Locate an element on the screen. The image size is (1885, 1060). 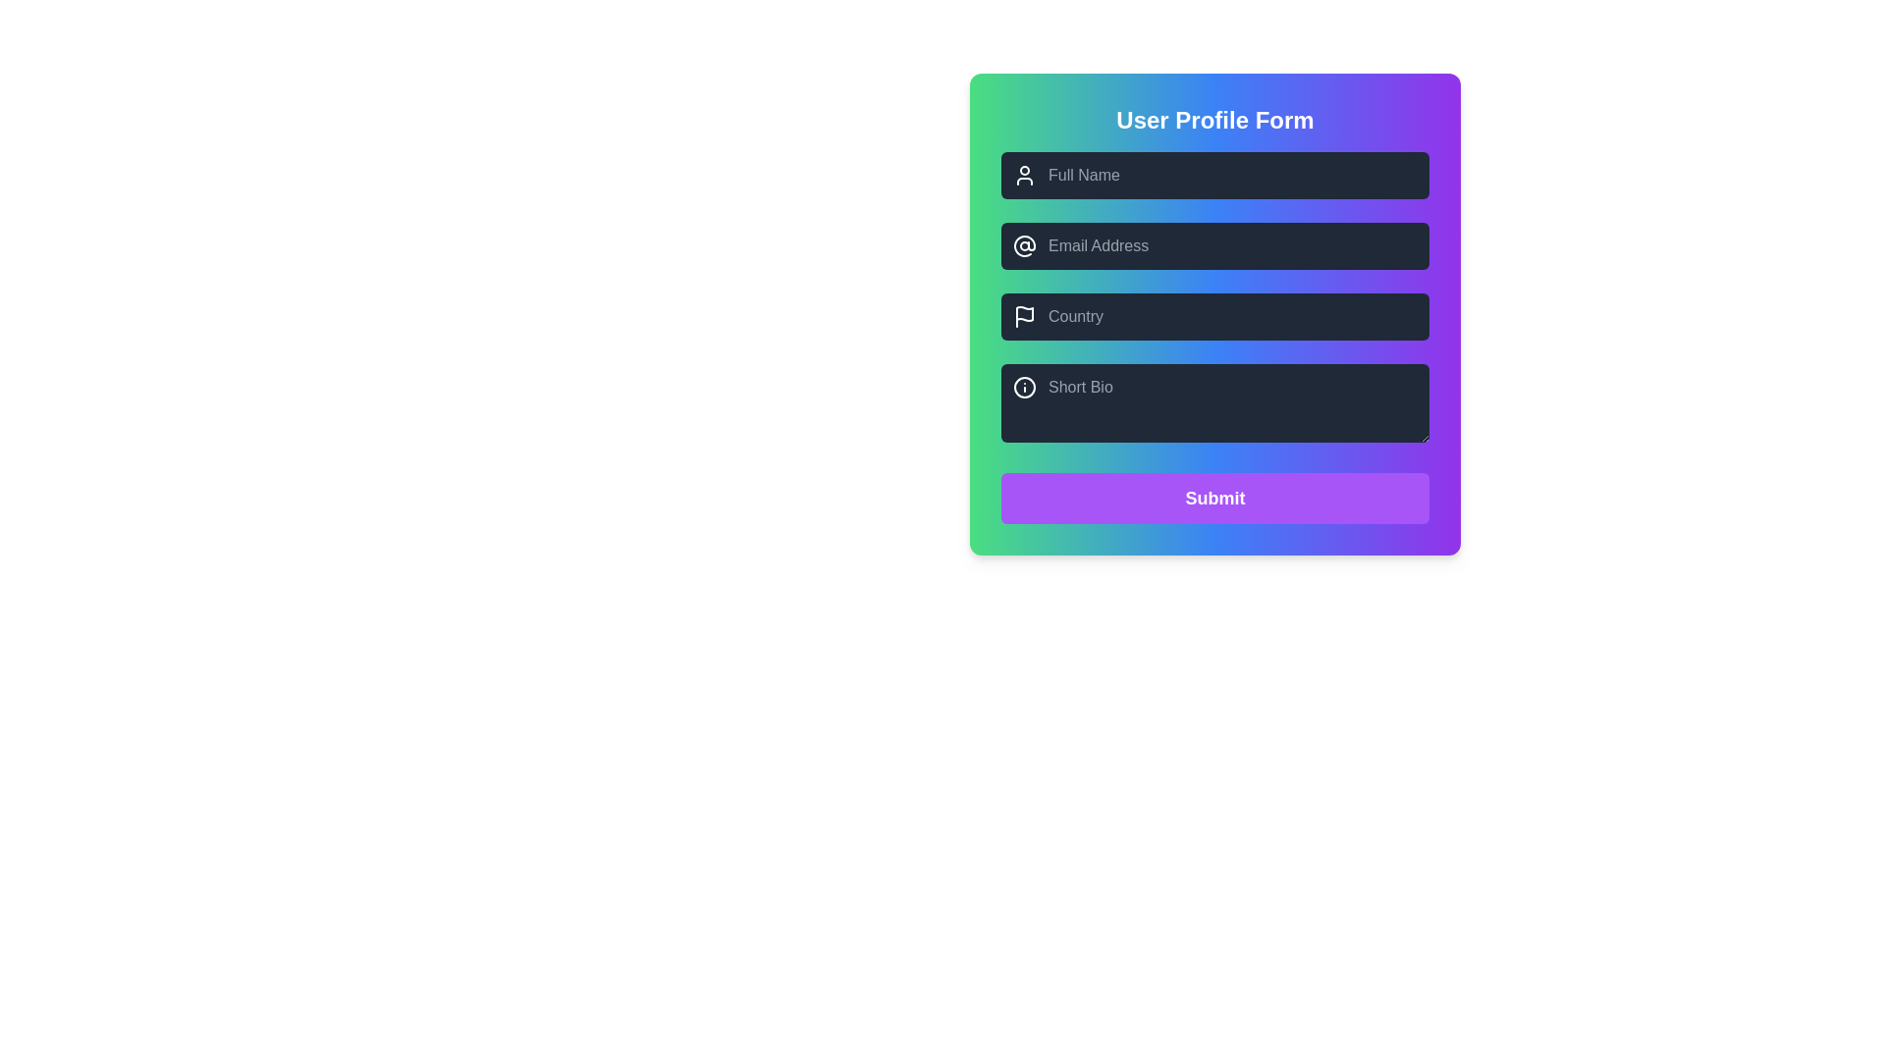
the small white flag icon located to the left of the 'Country' input field in the user profile form is located at coordinates (1023, 316).